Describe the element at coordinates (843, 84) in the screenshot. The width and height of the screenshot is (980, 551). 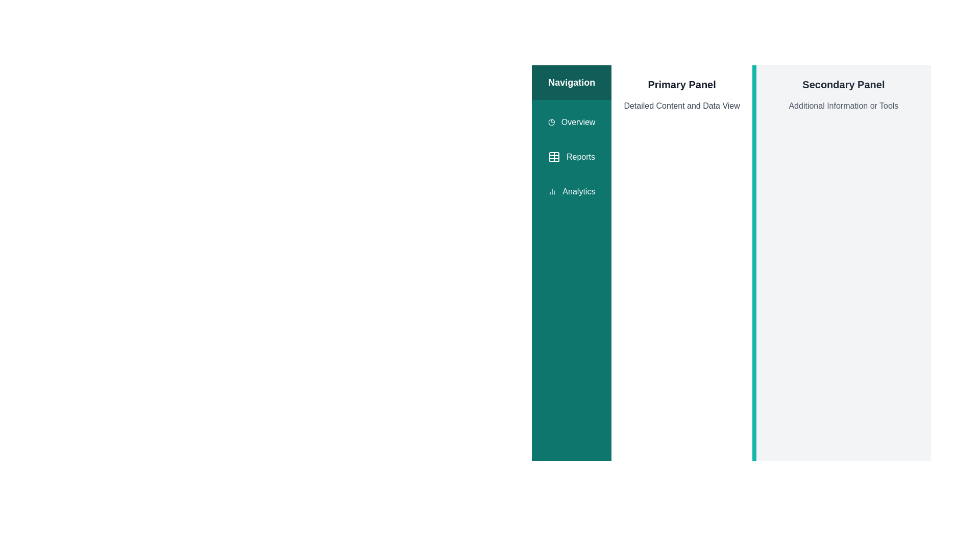
I see `the 'Secondary Panel' heading, which is styled in dark gray, bold, and slightly larger font, located at the top of the 'Secondary Panel' section` at that location.